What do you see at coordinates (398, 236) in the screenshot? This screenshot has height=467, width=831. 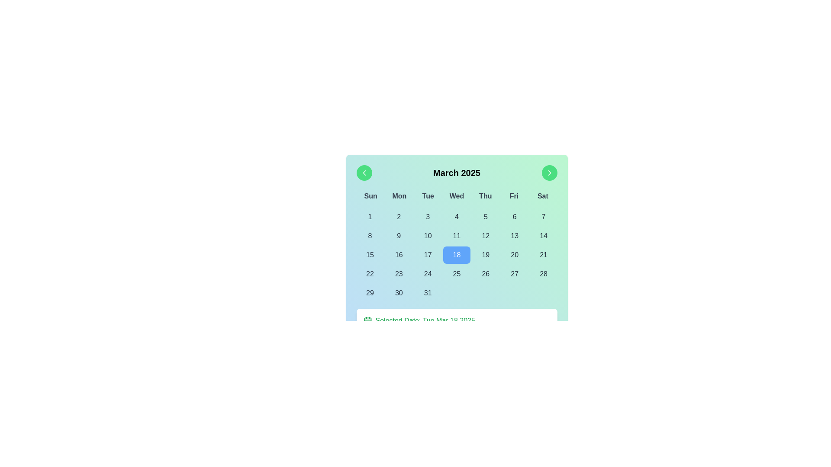 I see `the calendar cell displaying the number '9'` at bounding box center [398, 236].